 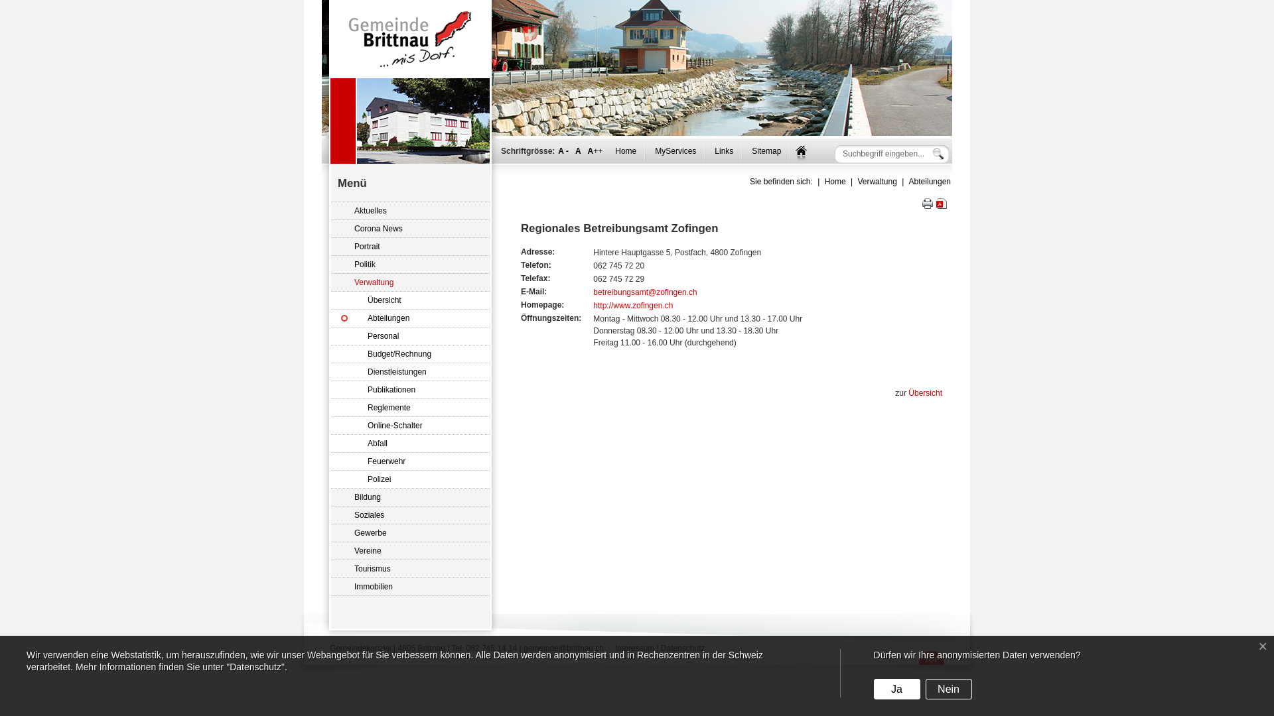 I want to click on 'Dienstleistungen', so click(x=409, y=372).